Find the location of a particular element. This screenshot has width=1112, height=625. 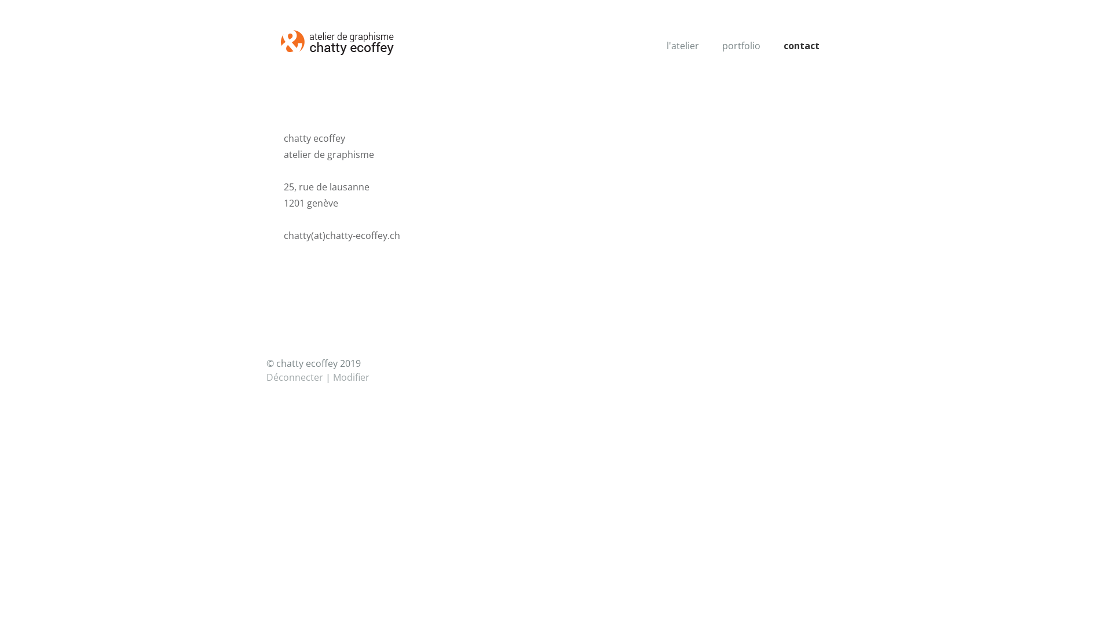

'l'atelier' is located at coordinates (683, 45).